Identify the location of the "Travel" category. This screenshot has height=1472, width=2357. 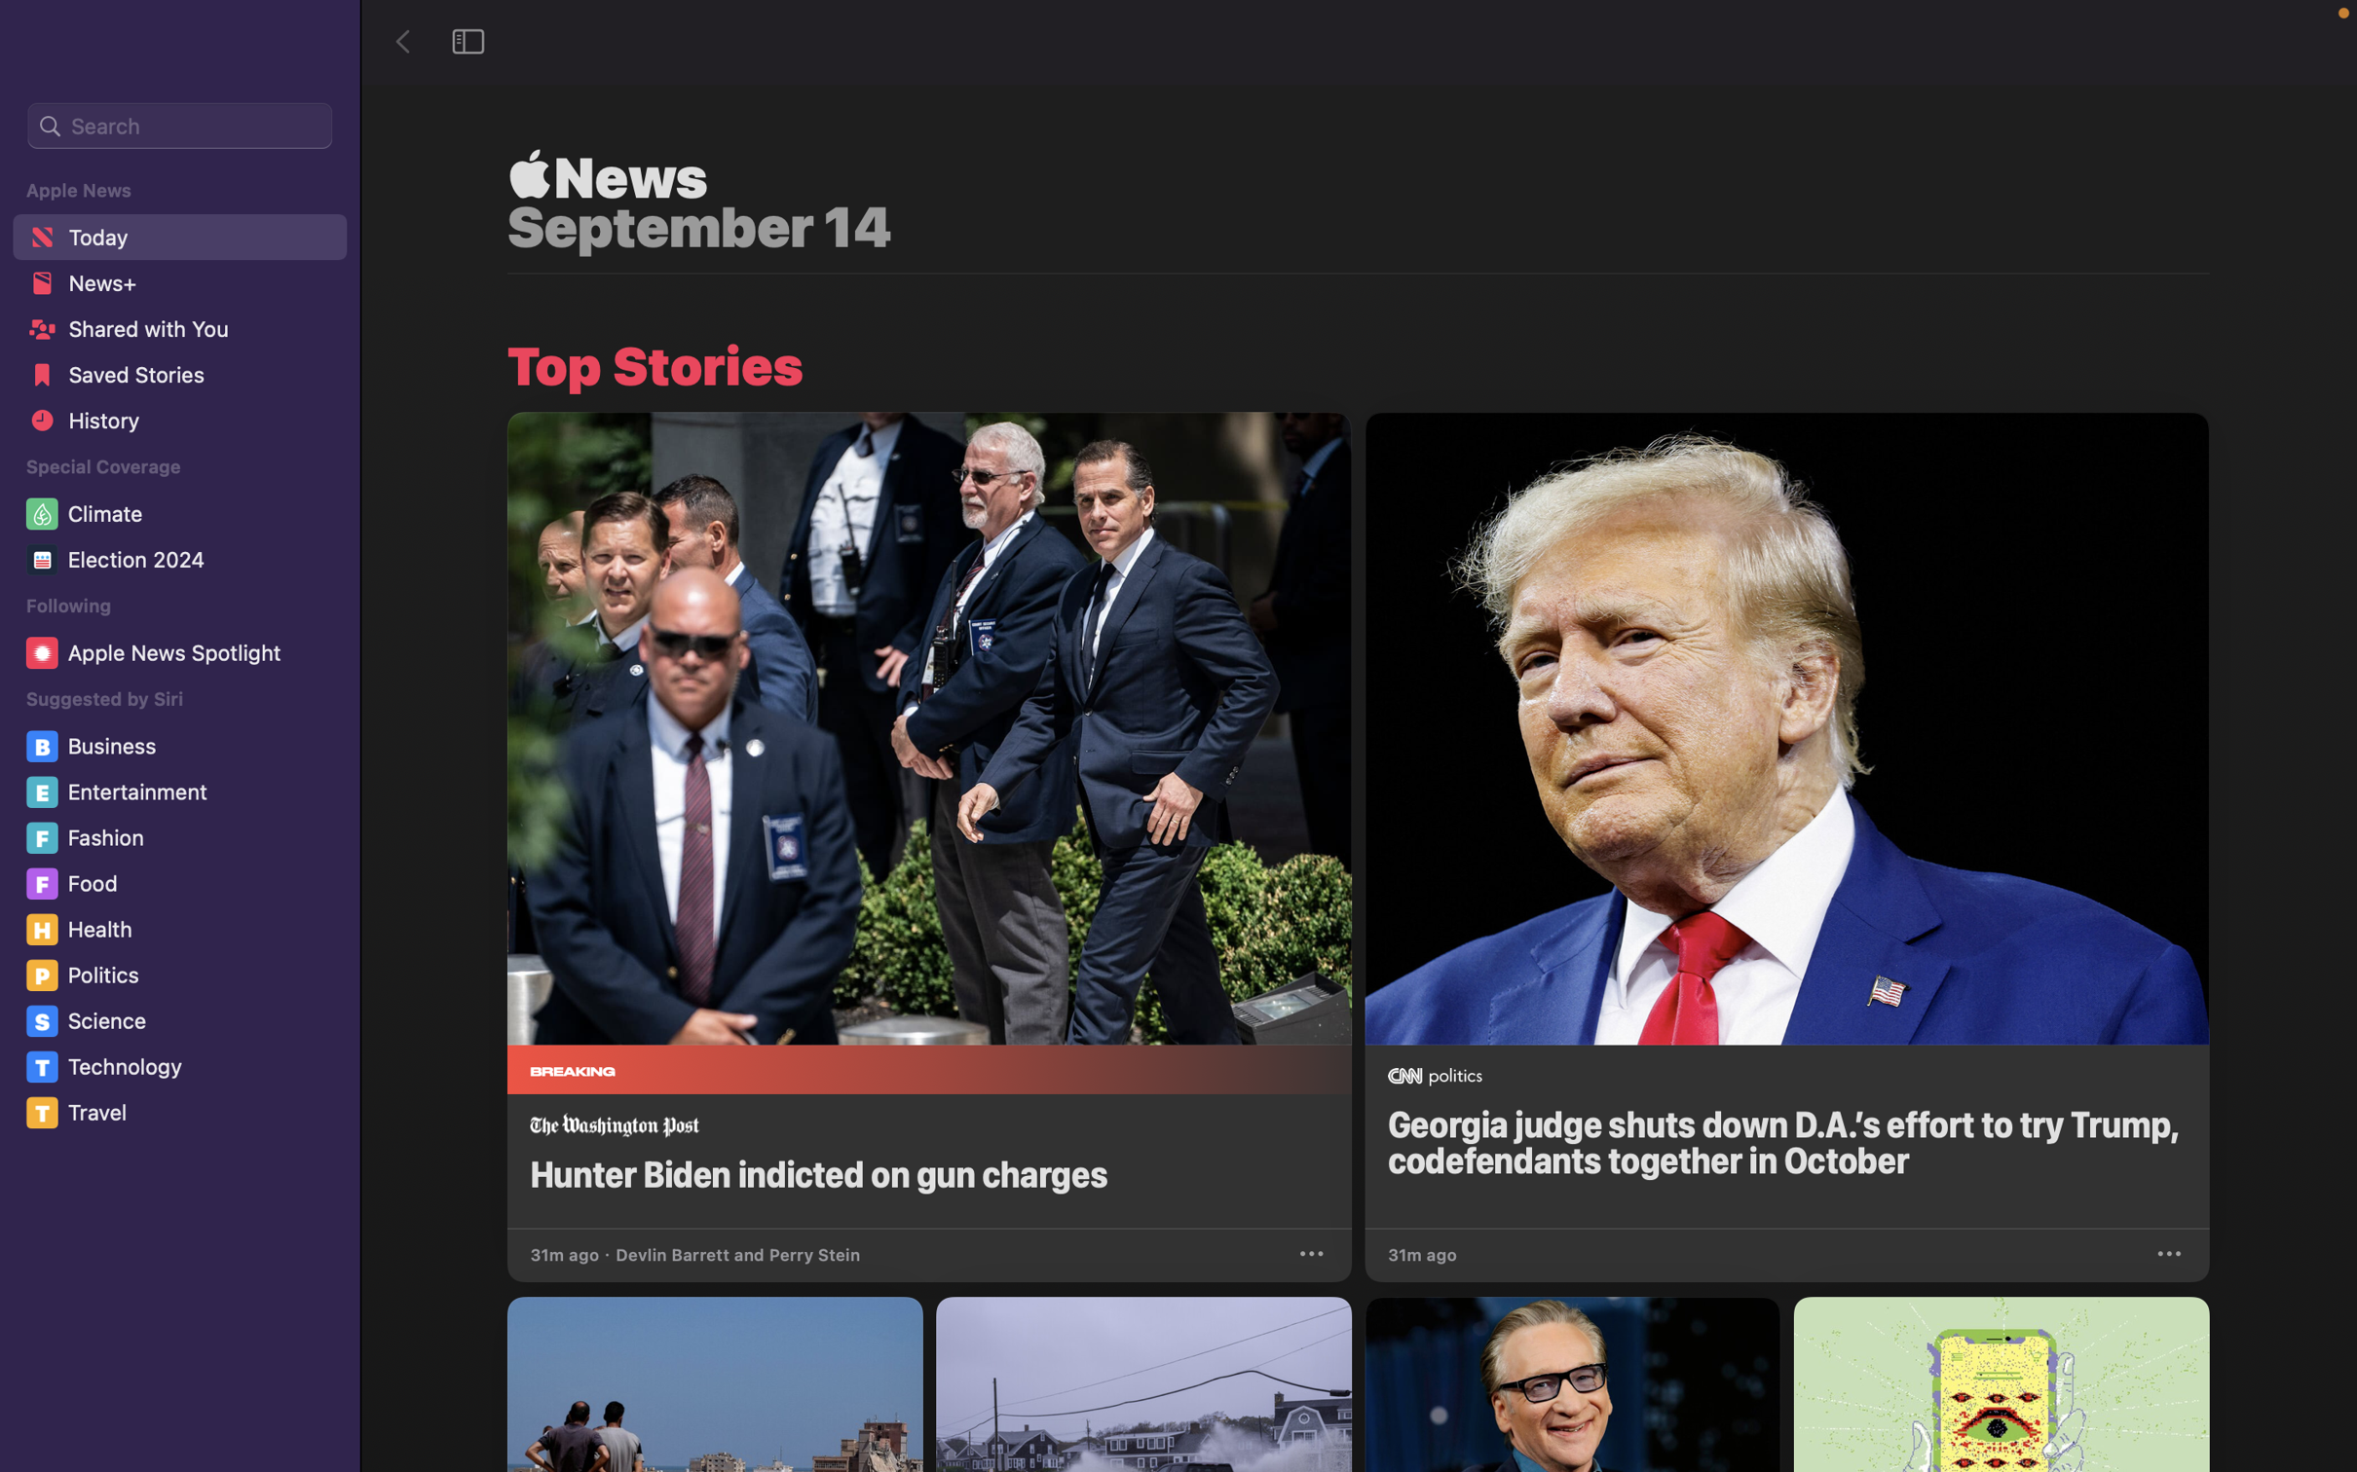
(184, 1113).